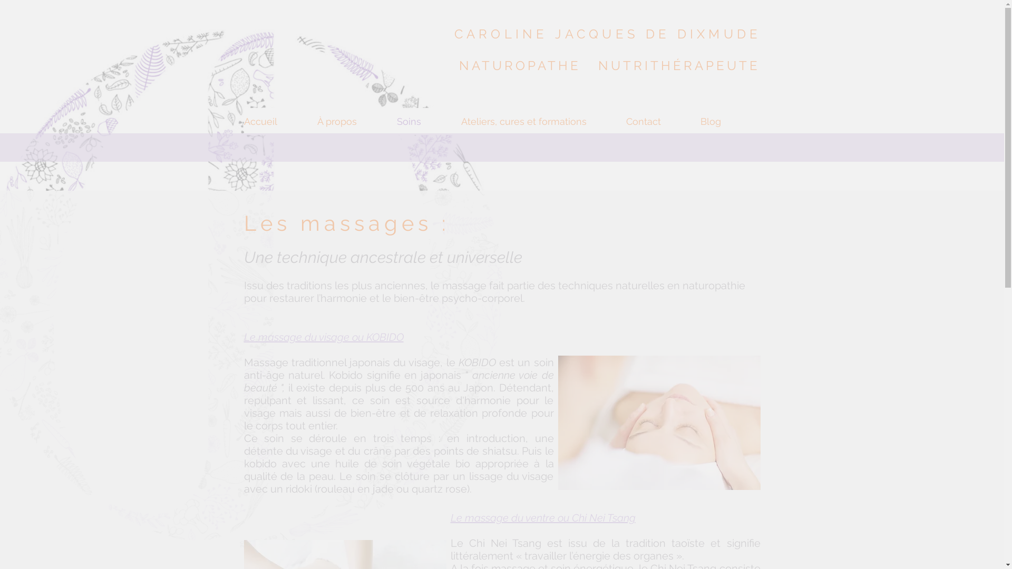  I want to click on 'Blog', so click(729, 121).